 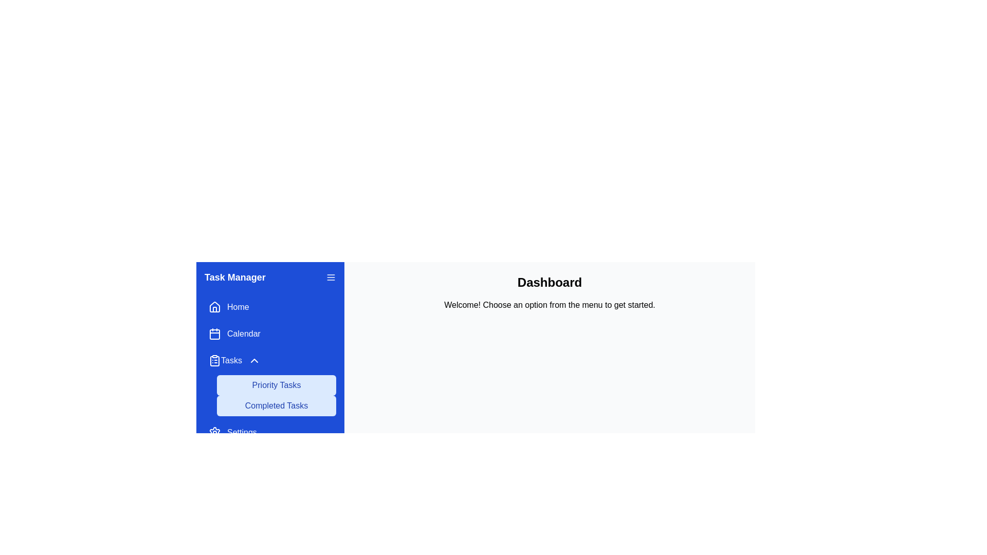 What do you see at coordinates (331, 277) in the screenshot?
I see `the menu icon consisting of three horizontal lines stacked vertically, located` at bounding box center [331, 277].